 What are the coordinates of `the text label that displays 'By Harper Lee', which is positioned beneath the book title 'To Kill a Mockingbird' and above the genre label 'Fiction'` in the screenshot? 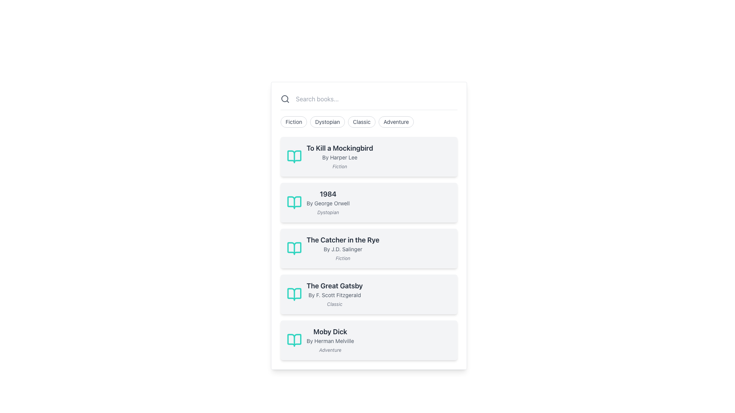 It's located at (339, 157).